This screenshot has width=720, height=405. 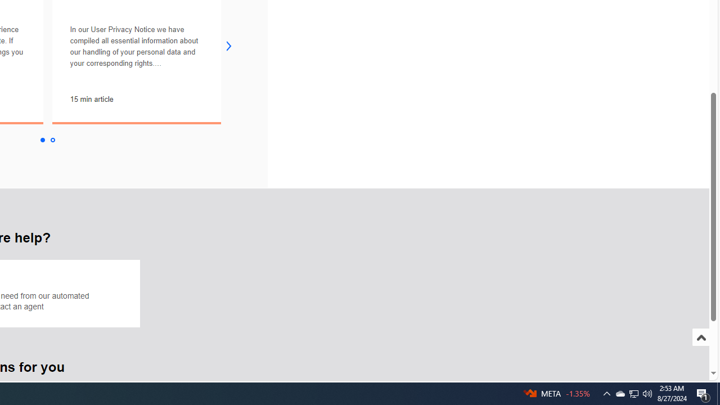 I want to click on 'next slide', so click(x=228, y=45).